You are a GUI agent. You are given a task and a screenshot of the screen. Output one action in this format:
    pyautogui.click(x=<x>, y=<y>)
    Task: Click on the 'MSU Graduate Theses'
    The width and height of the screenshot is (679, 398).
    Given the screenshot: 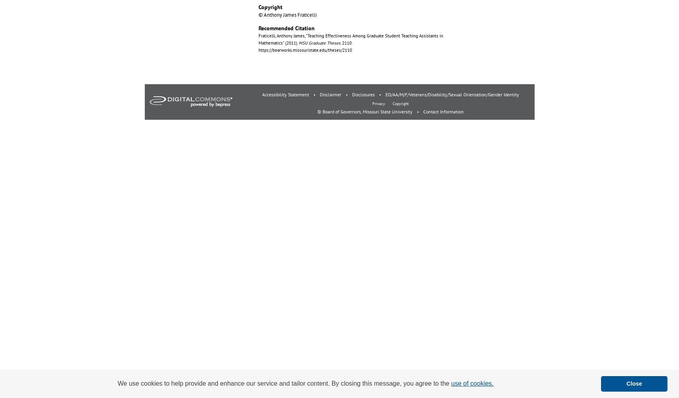 What is the action you would take?
    pyautogui.click(x=319, y=43)
    